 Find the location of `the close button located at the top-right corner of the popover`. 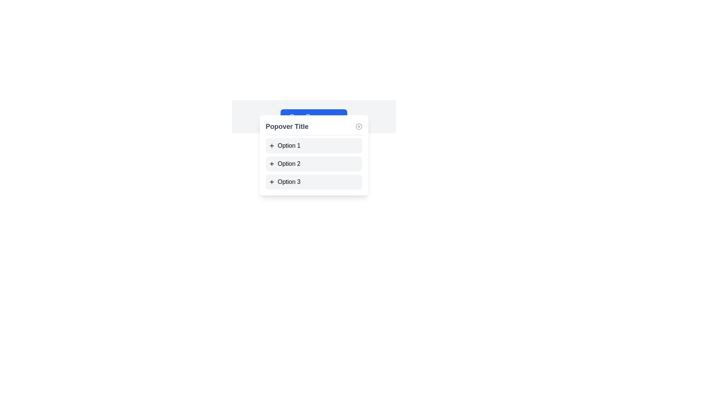

the close button located at the top-right corner of the popover is located at coordinates (358, 126).